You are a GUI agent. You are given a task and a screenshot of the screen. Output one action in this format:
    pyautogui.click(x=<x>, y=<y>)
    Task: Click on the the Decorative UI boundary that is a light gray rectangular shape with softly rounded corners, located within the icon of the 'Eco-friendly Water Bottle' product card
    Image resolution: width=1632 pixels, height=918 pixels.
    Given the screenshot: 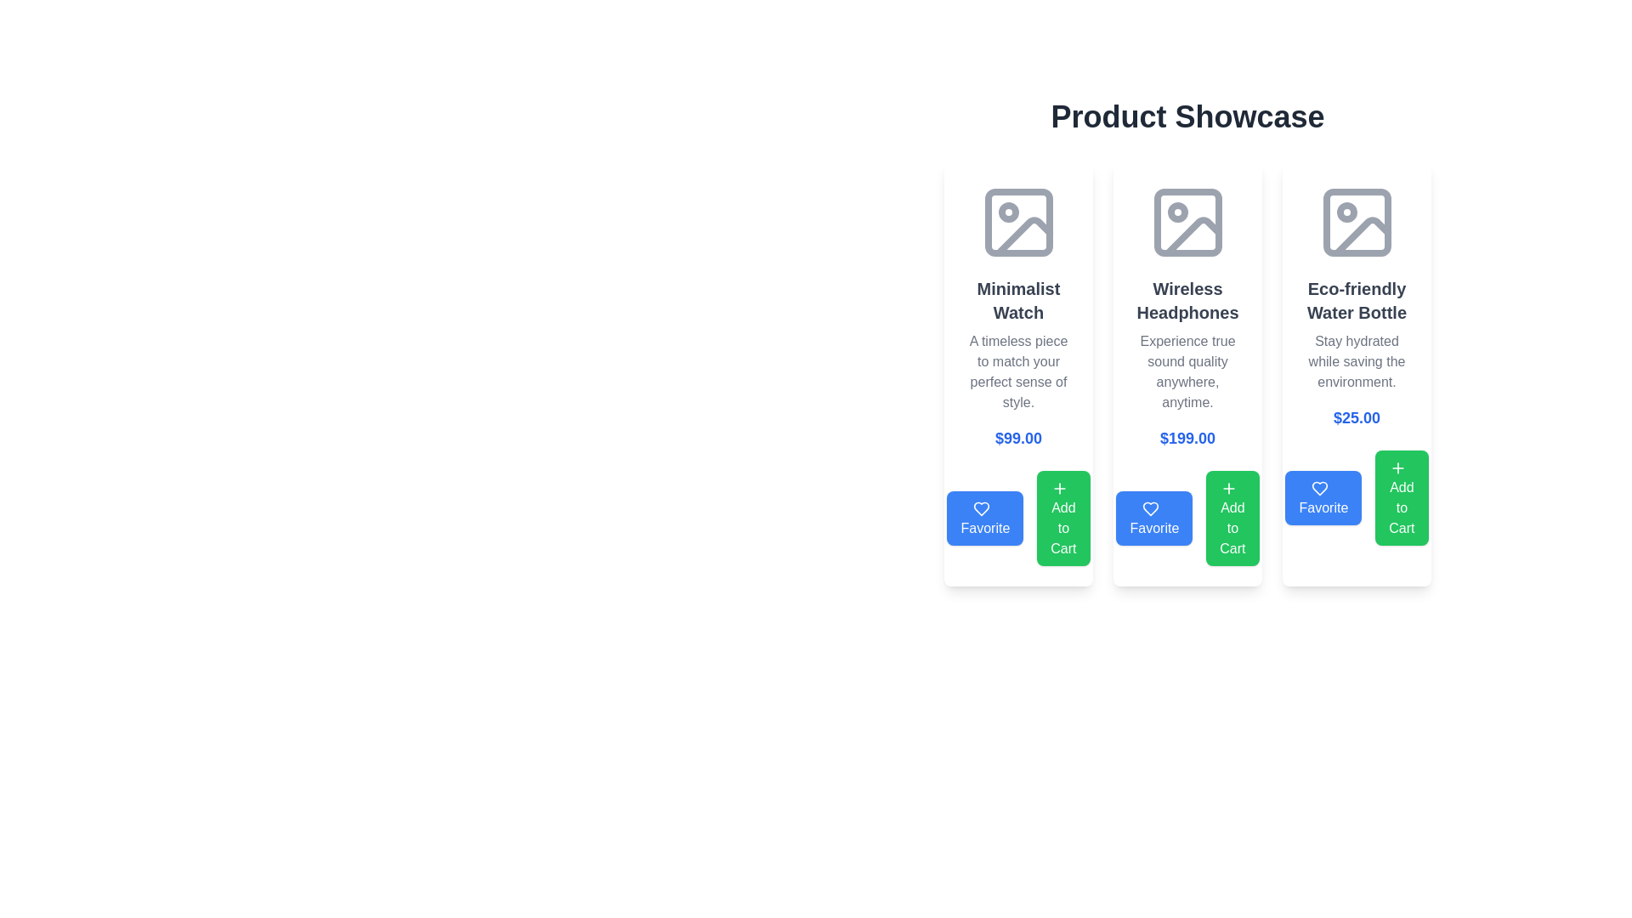 What is the action you would take?
    pyautogui.click(x=1356, y=222)
    